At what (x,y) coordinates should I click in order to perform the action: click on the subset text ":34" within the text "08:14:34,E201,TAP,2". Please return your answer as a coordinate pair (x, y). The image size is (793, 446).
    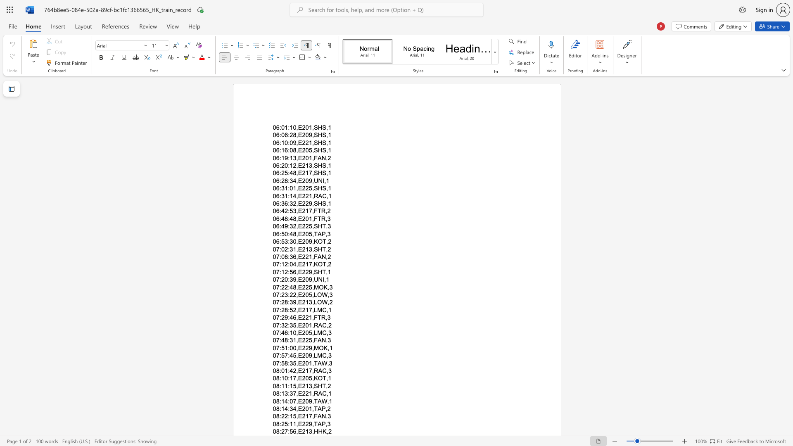
    Looking at the image, I should click on (288, 409).